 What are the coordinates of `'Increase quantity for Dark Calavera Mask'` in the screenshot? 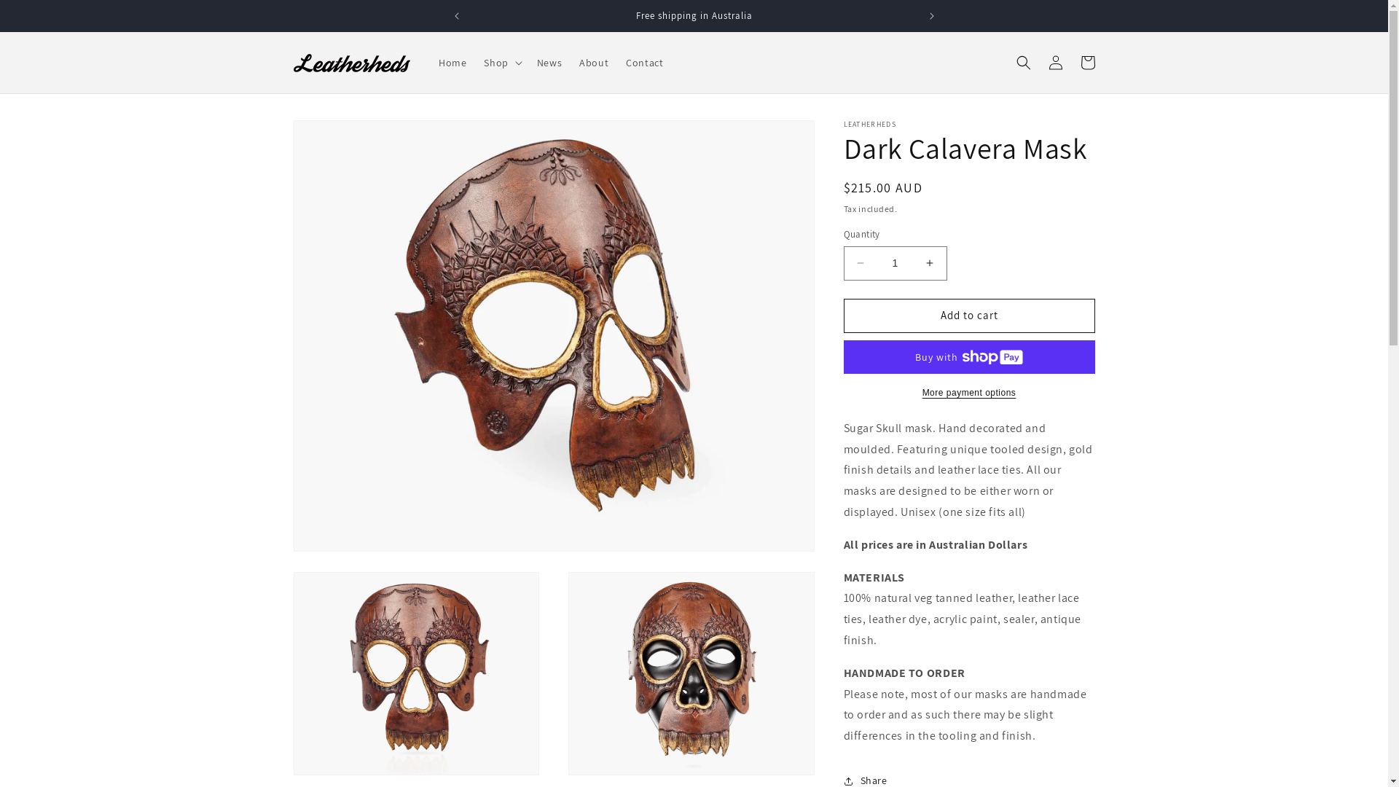 It's located at (929, 263).